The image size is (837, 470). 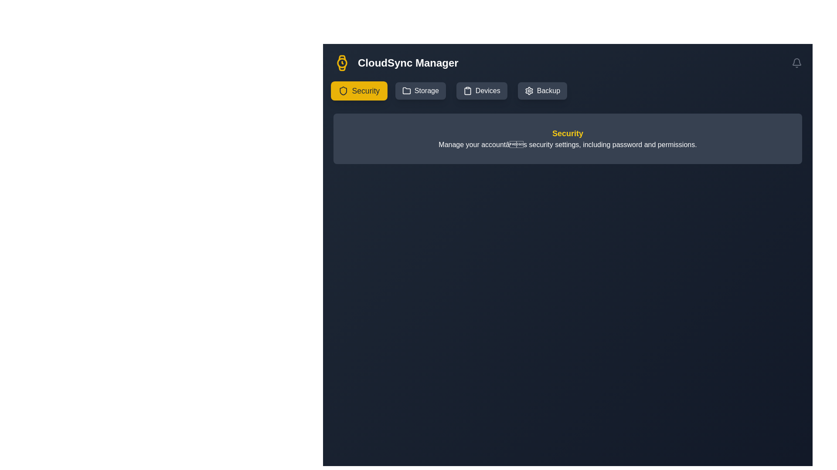 What do you see at coordinates (568, 144) in the screenshot?
I see `the text block that reads, 'Manage your account's security settings, including password and permissions.' located below the 'Security' heading` at bounding box center [568, 144].